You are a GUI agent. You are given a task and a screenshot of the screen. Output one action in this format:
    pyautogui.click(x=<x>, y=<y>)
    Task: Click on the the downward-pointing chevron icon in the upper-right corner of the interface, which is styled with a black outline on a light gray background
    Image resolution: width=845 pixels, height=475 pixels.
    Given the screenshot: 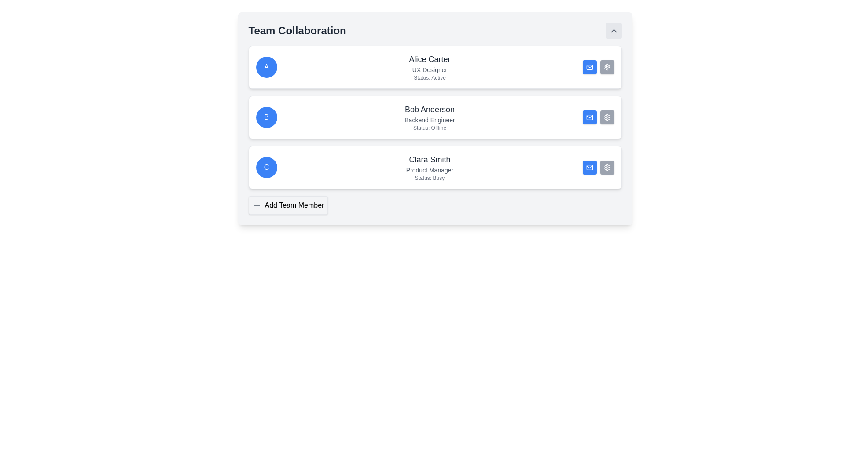 What is the action you would take?
    pyautogui.click(x=613, y=30)
    